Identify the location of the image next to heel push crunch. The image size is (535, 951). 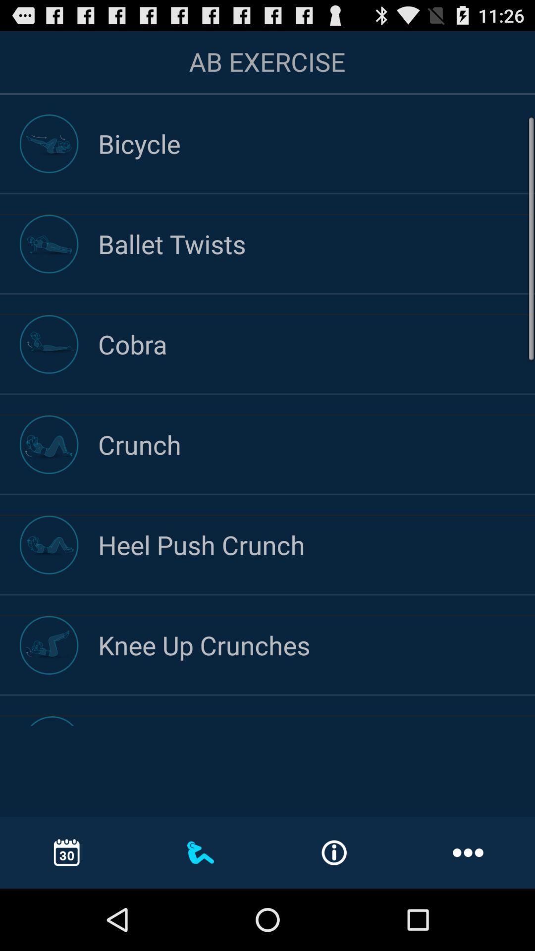
(49, 544).